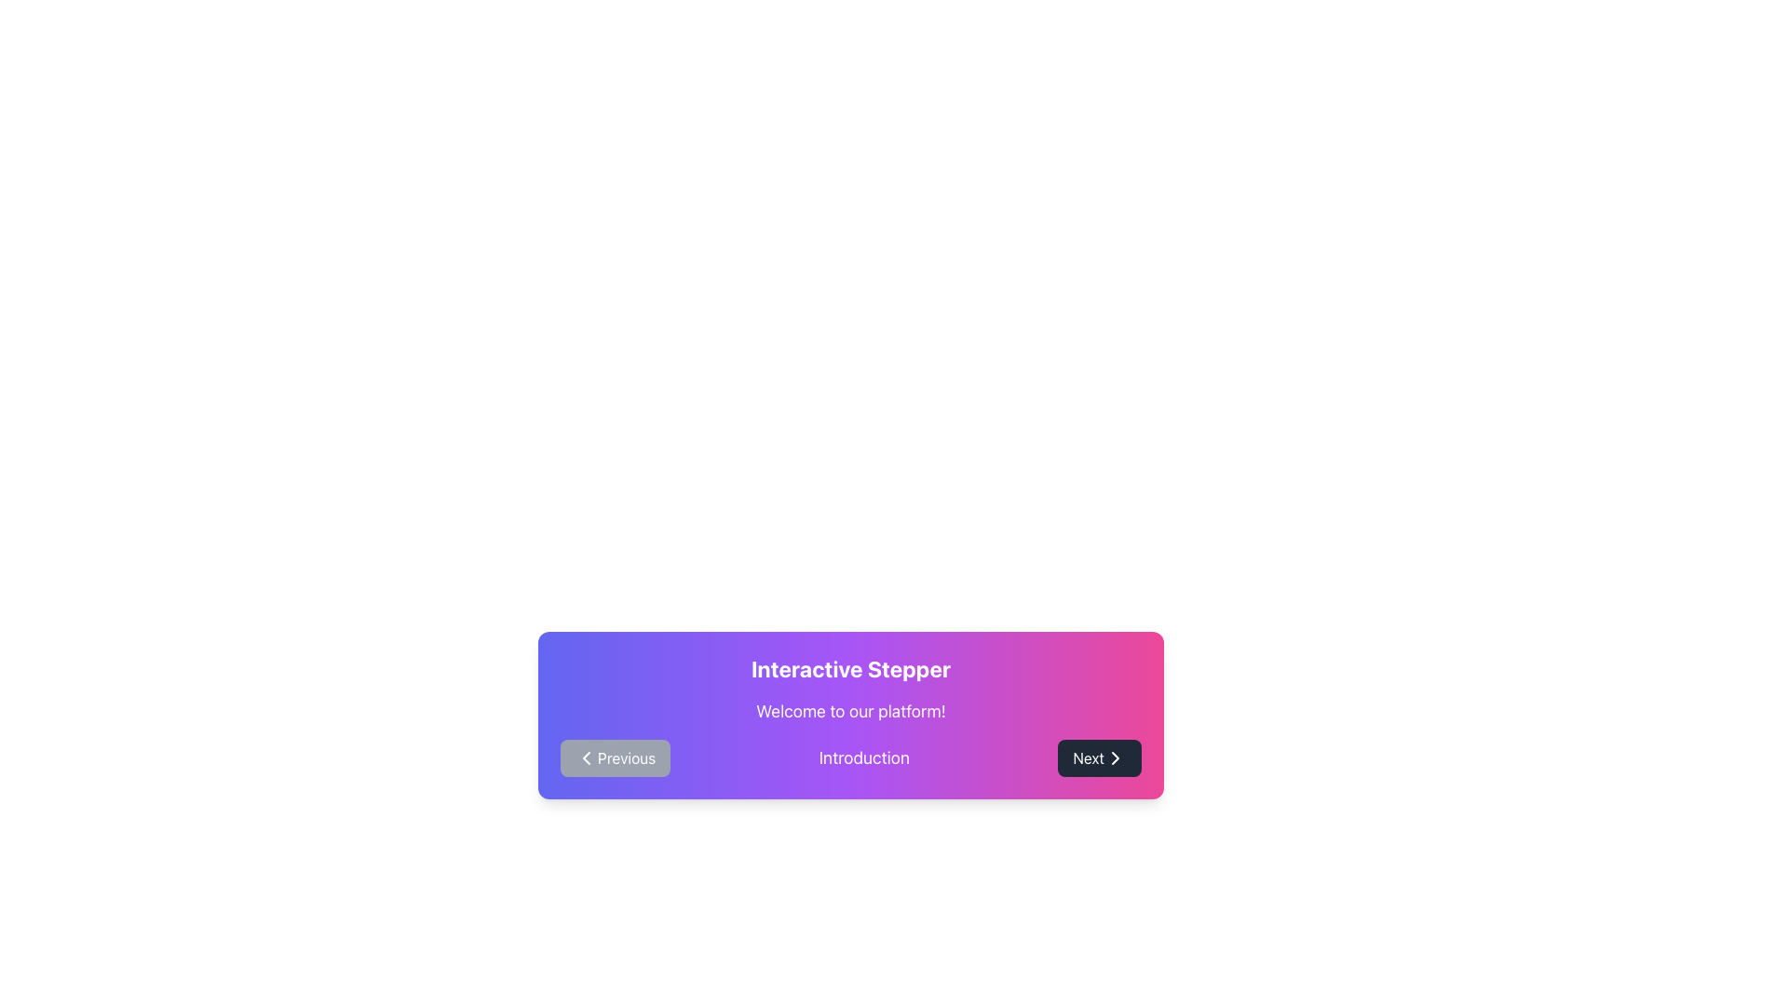  I want to click on the leftmost button in the horizontal navigation bar, so click(616, 757).